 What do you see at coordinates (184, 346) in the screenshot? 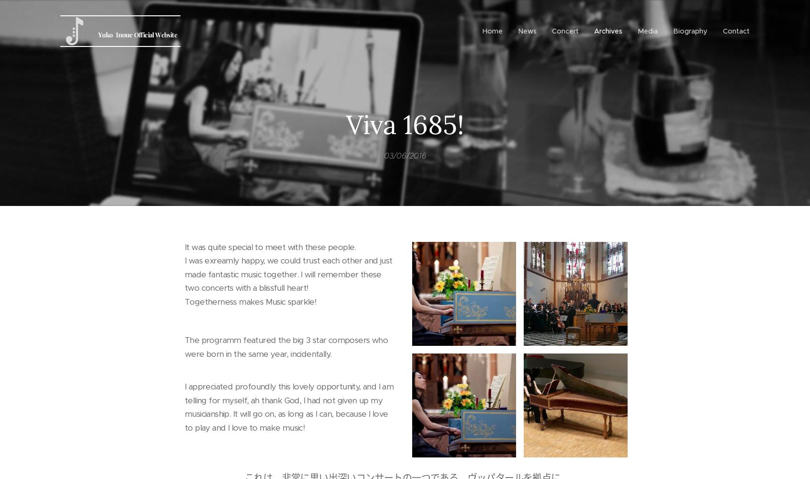
I see `'The programm featured the big 3 star composers who were born in the same year, incidentally.'` at bounding box center [184, 346].